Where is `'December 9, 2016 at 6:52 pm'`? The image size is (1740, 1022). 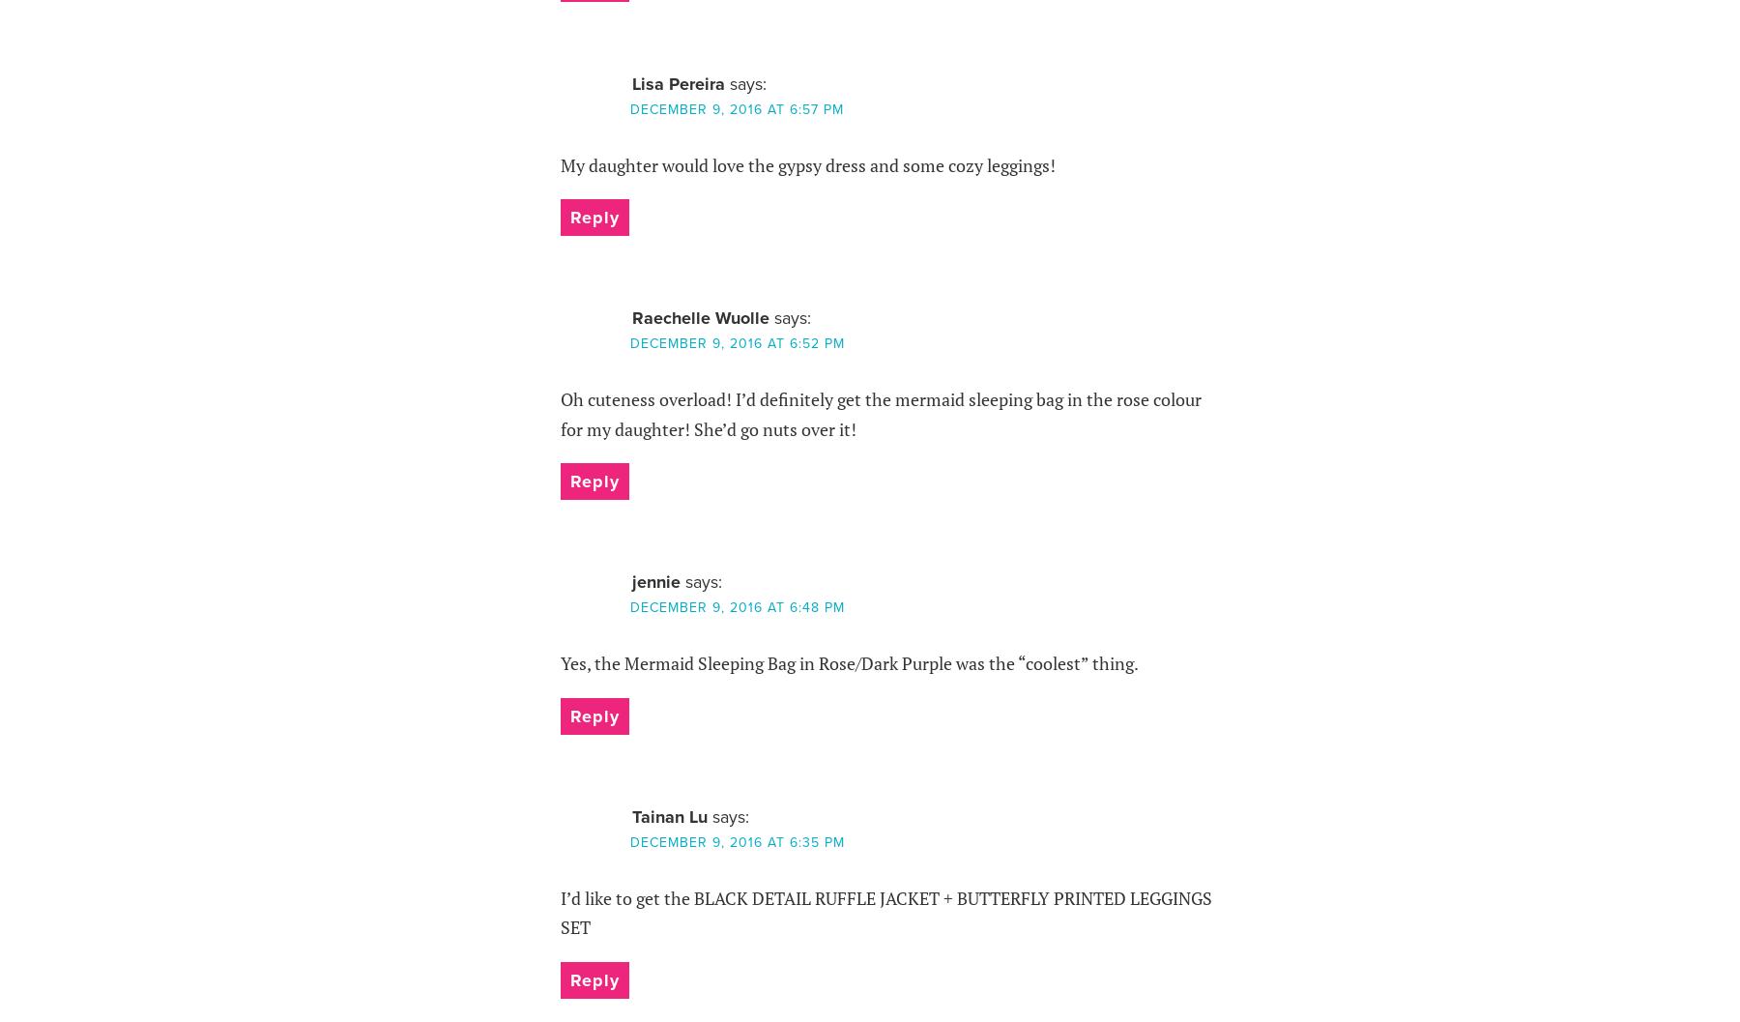
'December 9, 2016 at 6:52 pm' is located at coordinates (735, 343).